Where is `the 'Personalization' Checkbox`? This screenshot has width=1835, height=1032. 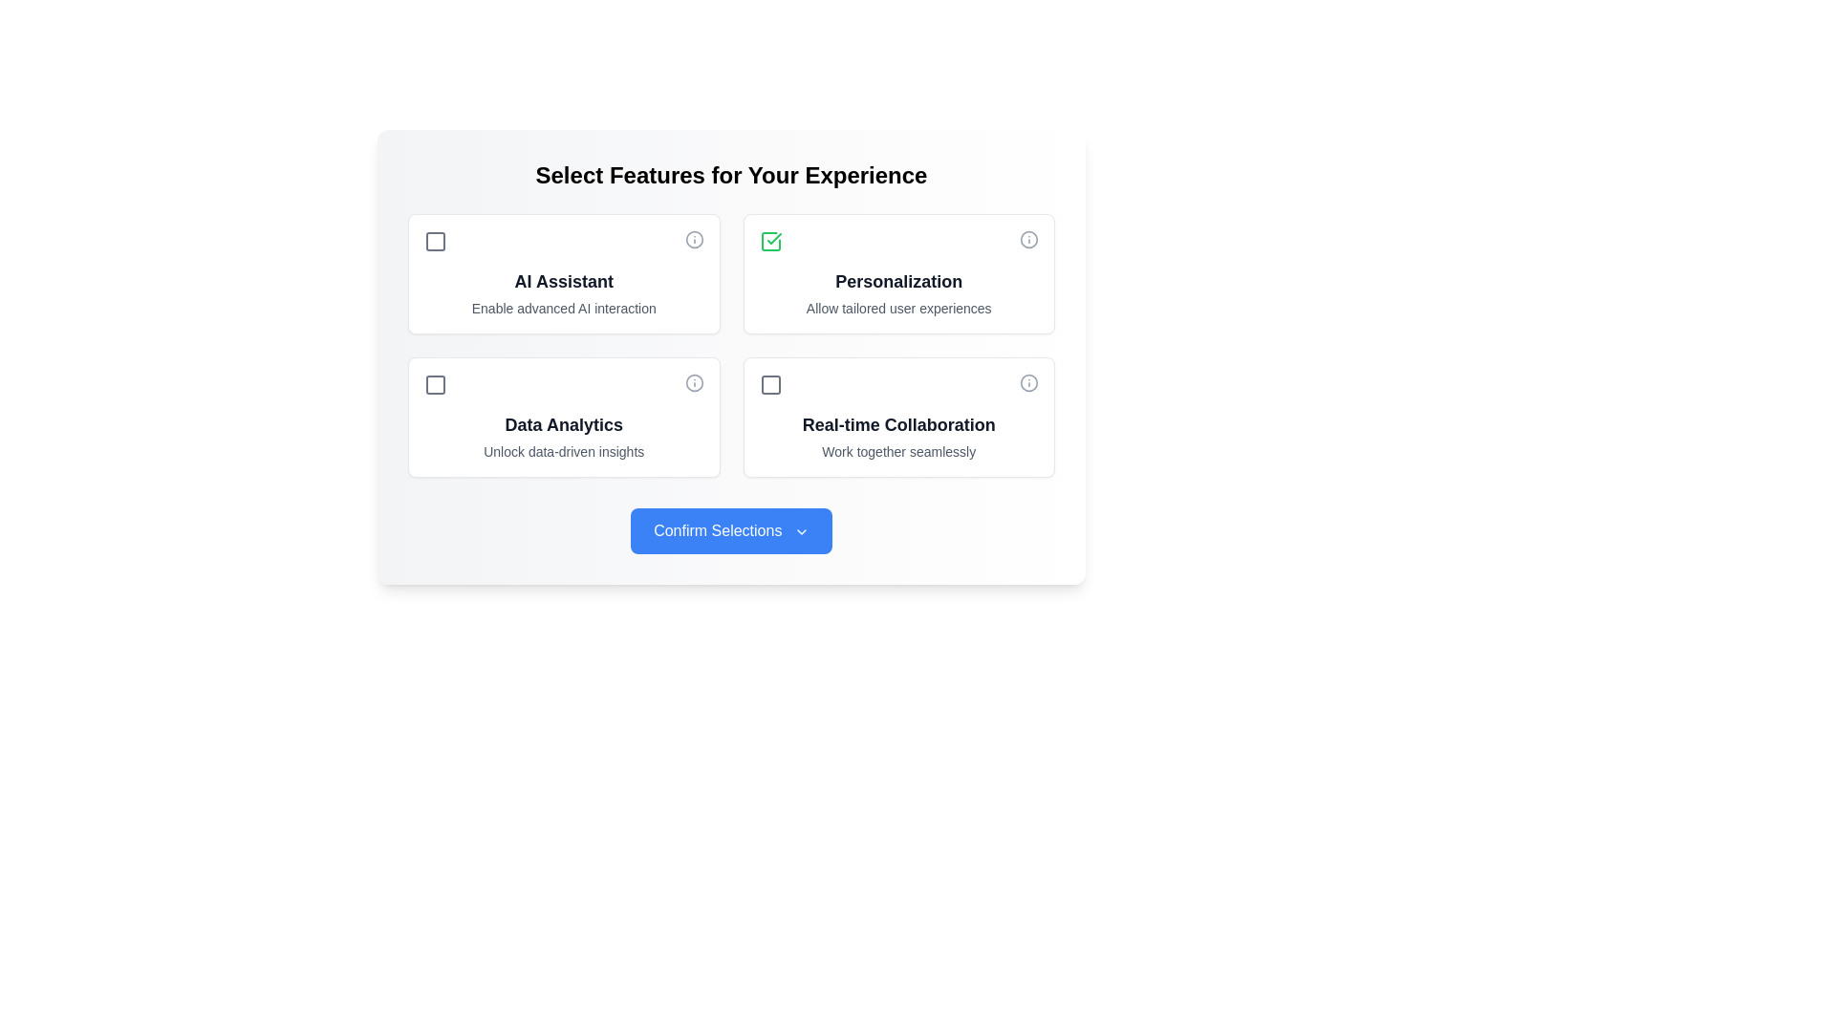 the 'Personalization' Checkbox is located at coordinates (770, 241).